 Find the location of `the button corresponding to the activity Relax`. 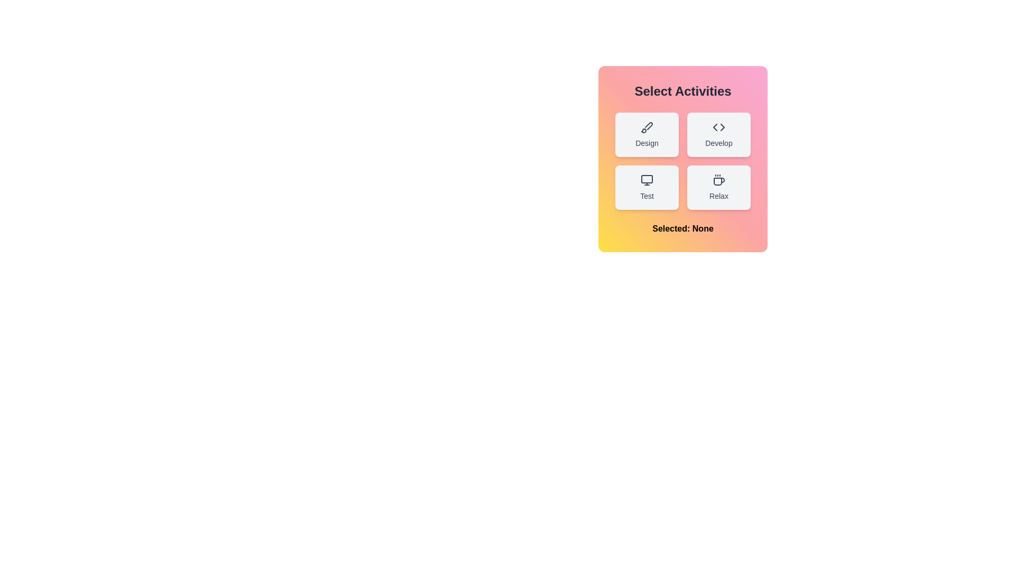

the button corresponding to the activity Relax is located at coordinates (718, 187).